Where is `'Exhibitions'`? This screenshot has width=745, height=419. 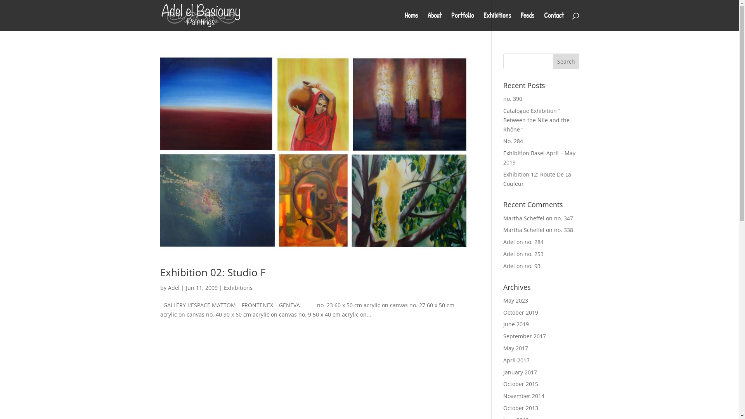
'Exhibitions' is located at coordinates (497, 21).